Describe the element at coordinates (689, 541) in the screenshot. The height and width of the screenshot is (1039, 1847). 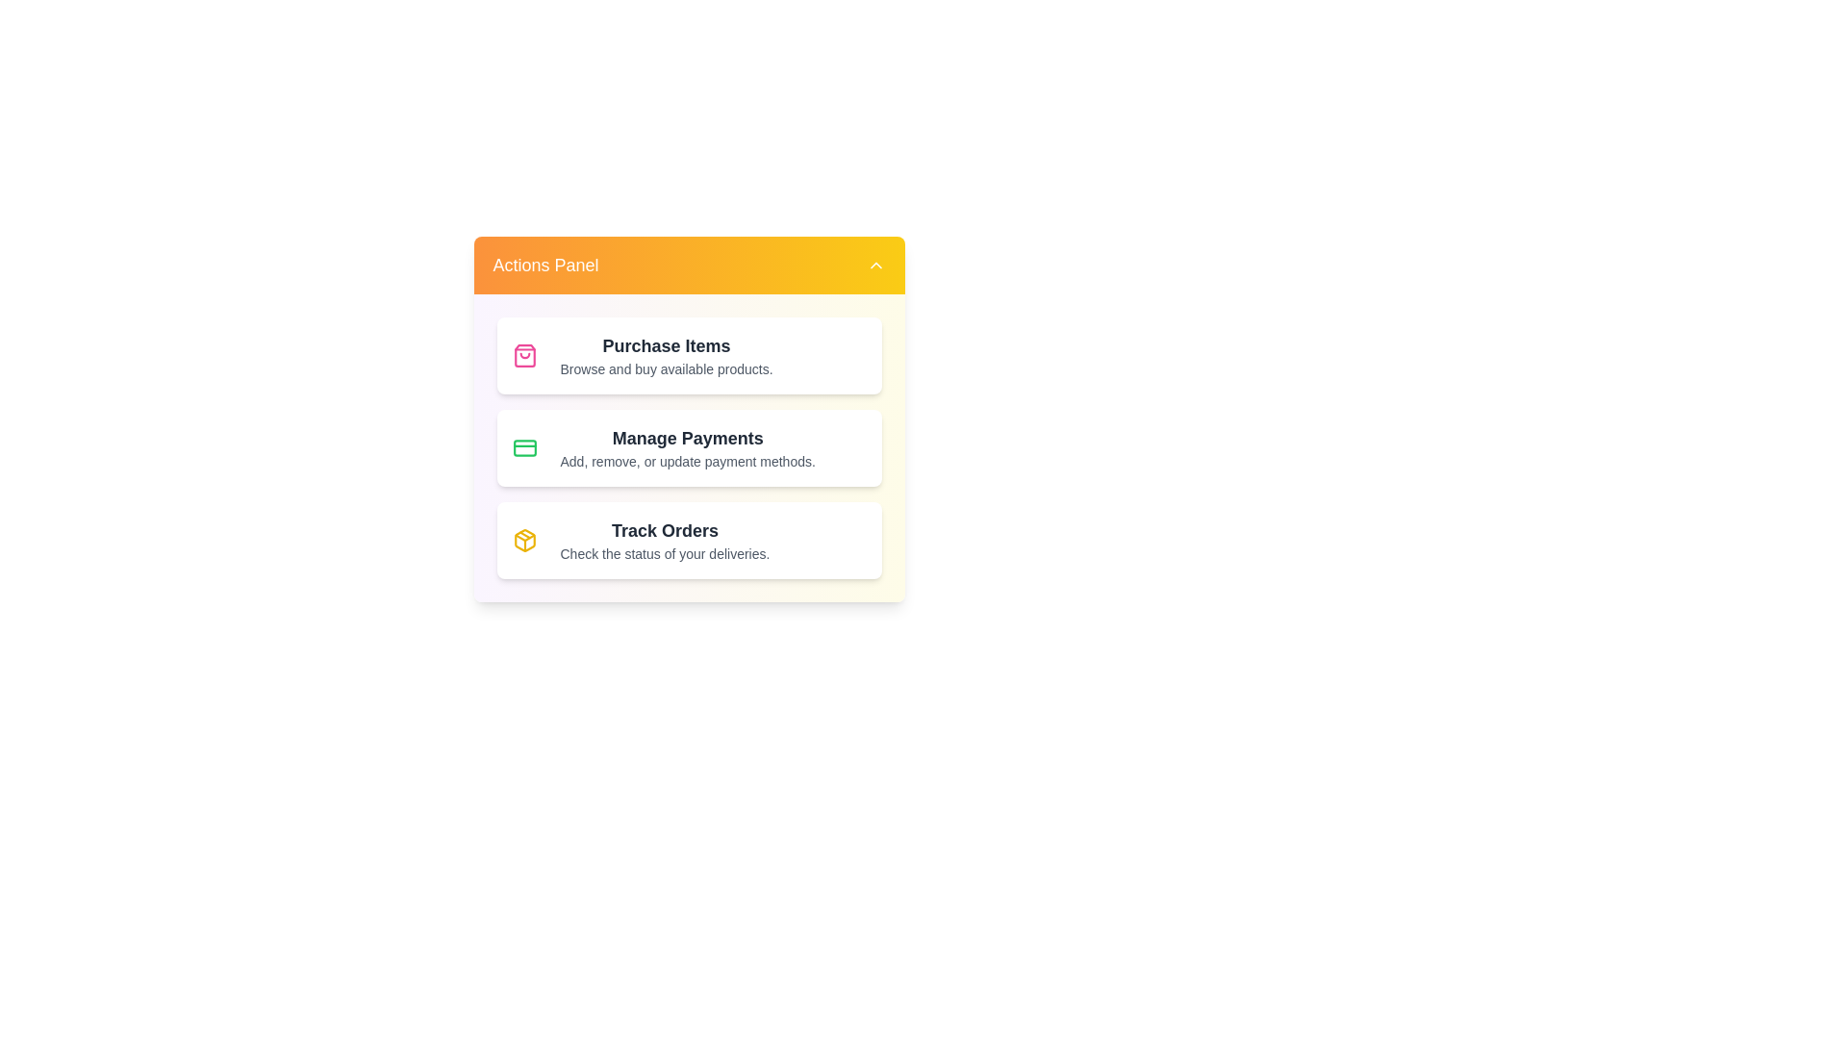
I see `the action item Track Orders to reveal further details` at that location.